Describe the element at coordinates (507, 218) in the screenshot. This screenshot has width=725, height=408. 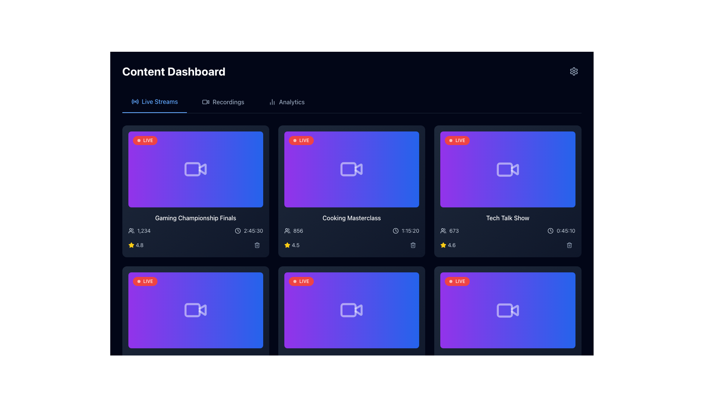
I see `the title text label of the third card in the upper row of the dashboard interface, which identifies the content of the associated card` at that location.